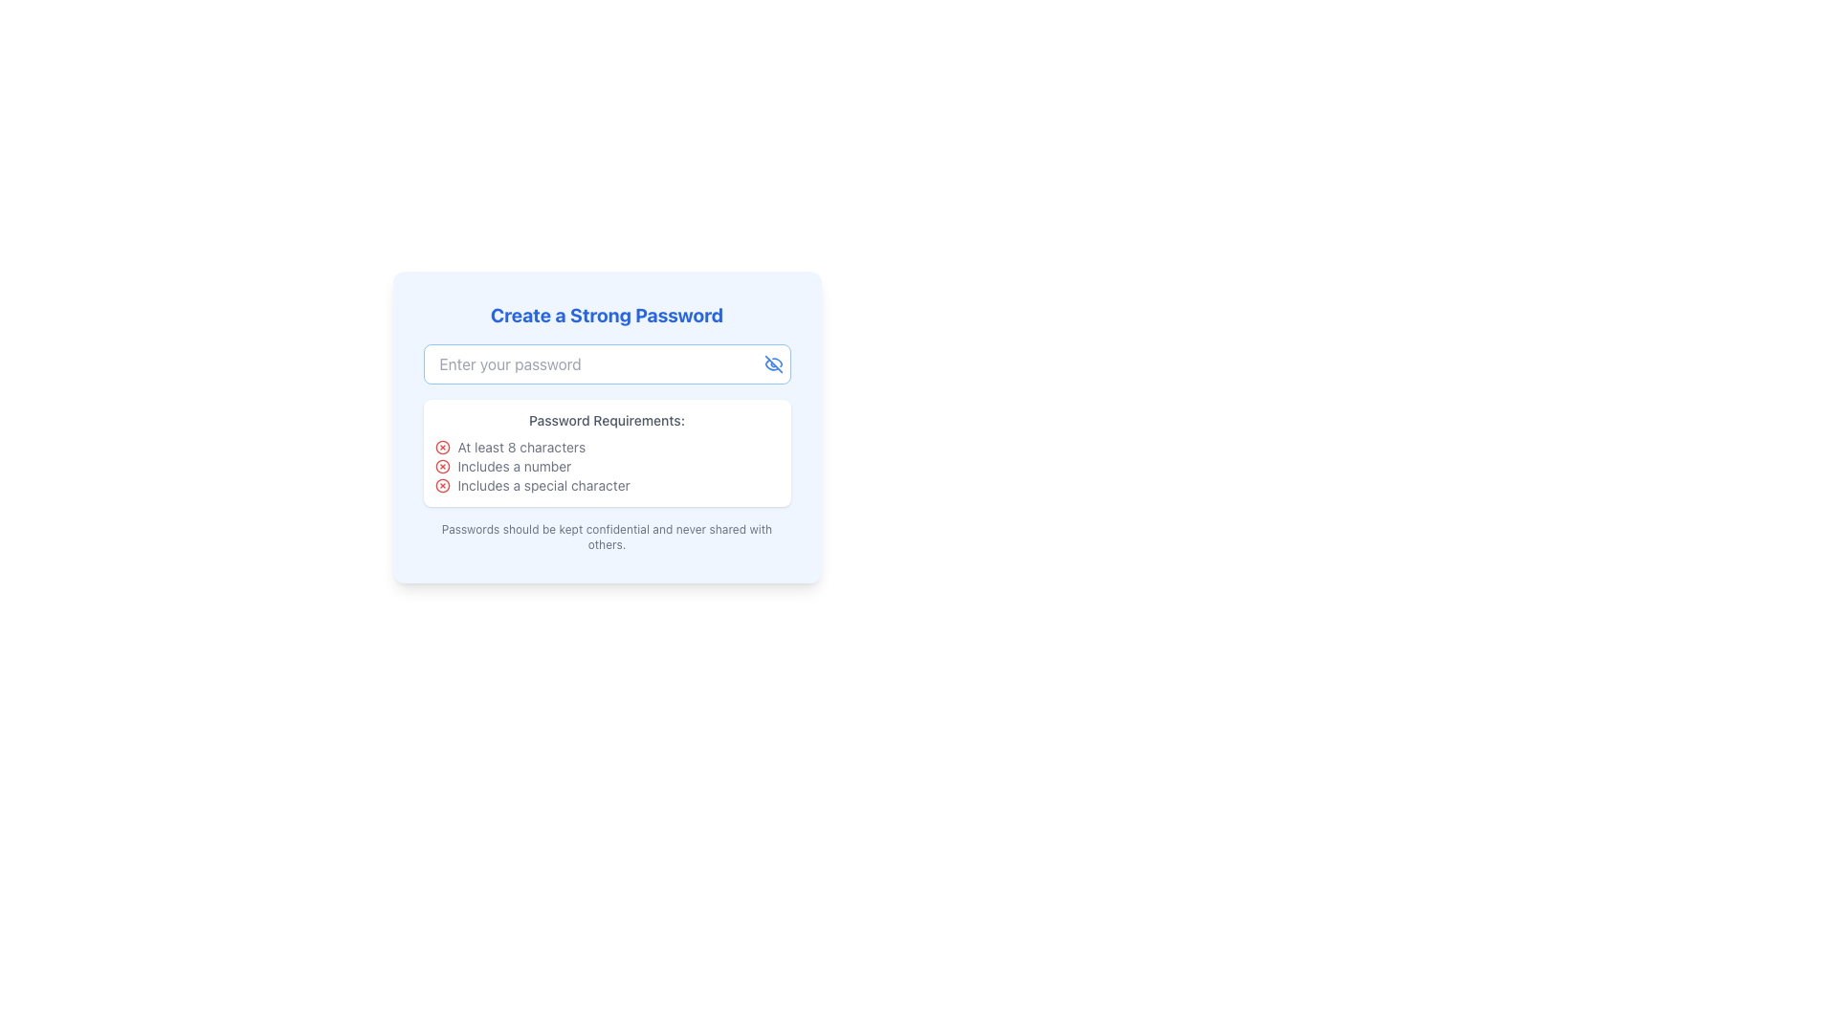 The image size is (1837, 1033). Describe the element at coordinates (542, 485) in the screenshot. I see `the text label stating 'Includes a special character' located under the 'Password Requirements' section` at that location.